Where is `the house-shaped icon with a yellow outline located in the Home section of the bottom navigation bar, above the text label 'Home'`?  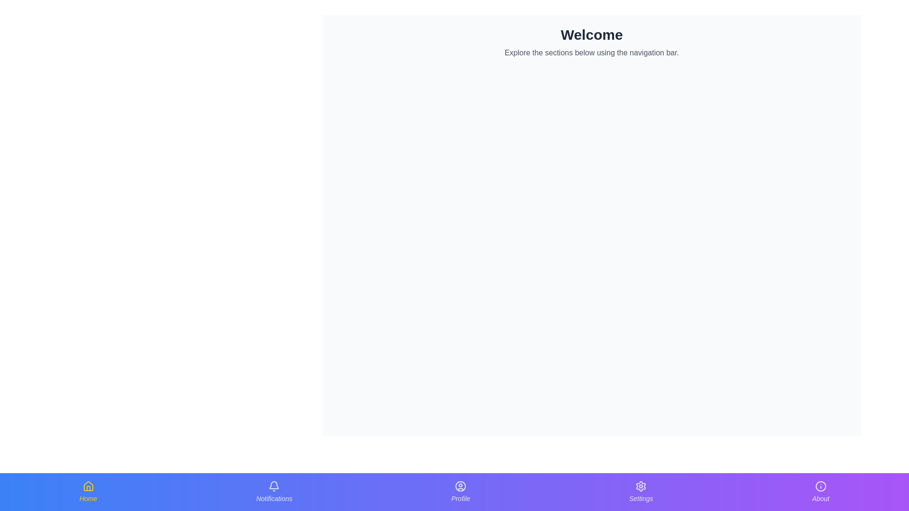
the house-shaped icon with a yellow outline located in the Home section of the bottom navigation bar, above the text label 'Home' is located at coordinates (88, 486).